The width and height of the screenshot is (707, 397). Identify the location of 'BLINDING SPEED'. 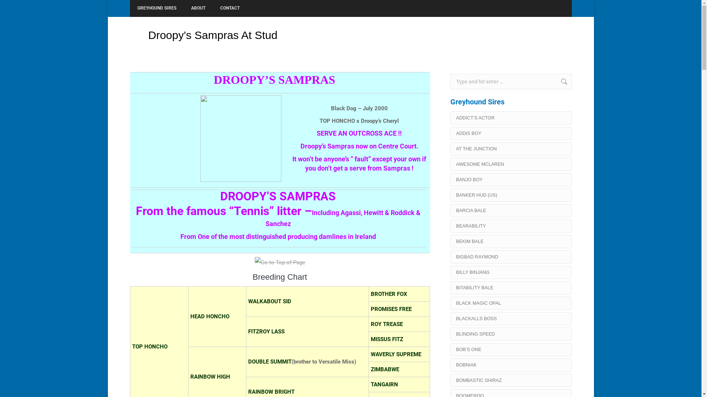
(510, 334).